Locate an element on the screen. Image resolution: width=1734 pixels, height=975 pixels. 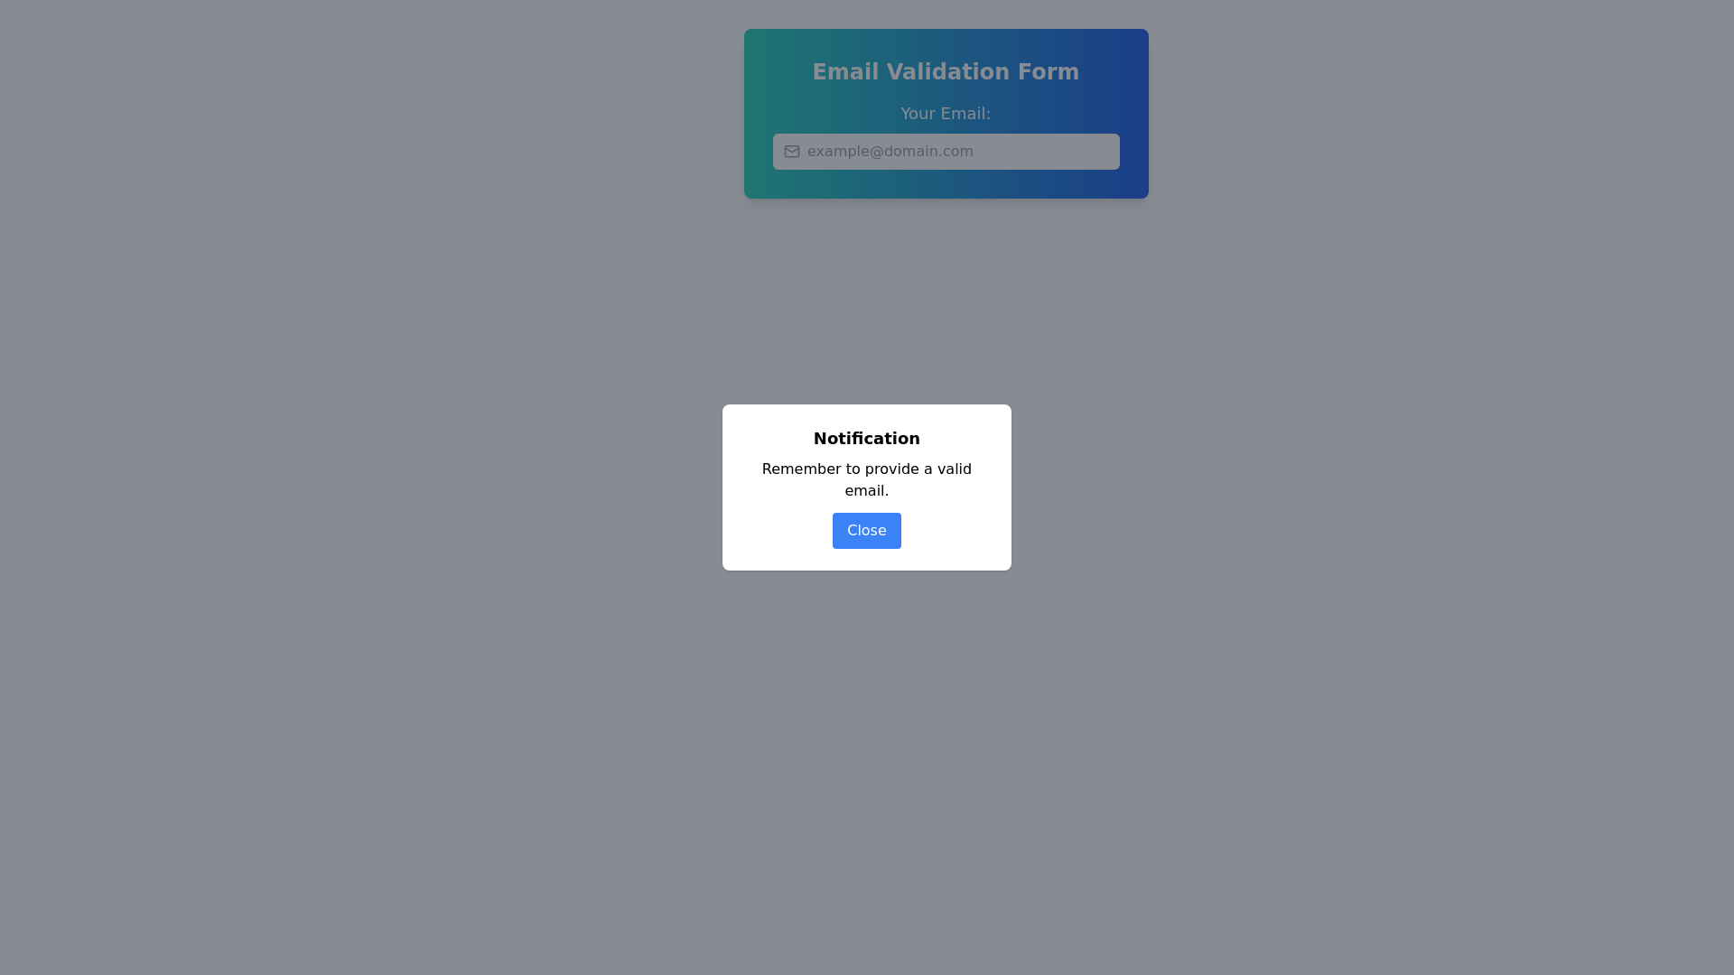
the 'Close' button, which is a rectangular button with rounded corners, filled with a solid blue color and featuring white text. It is located at the bottom of a notification box beneath the message 'Remember to provide a valid email.' is located at coordinates (867, 529).